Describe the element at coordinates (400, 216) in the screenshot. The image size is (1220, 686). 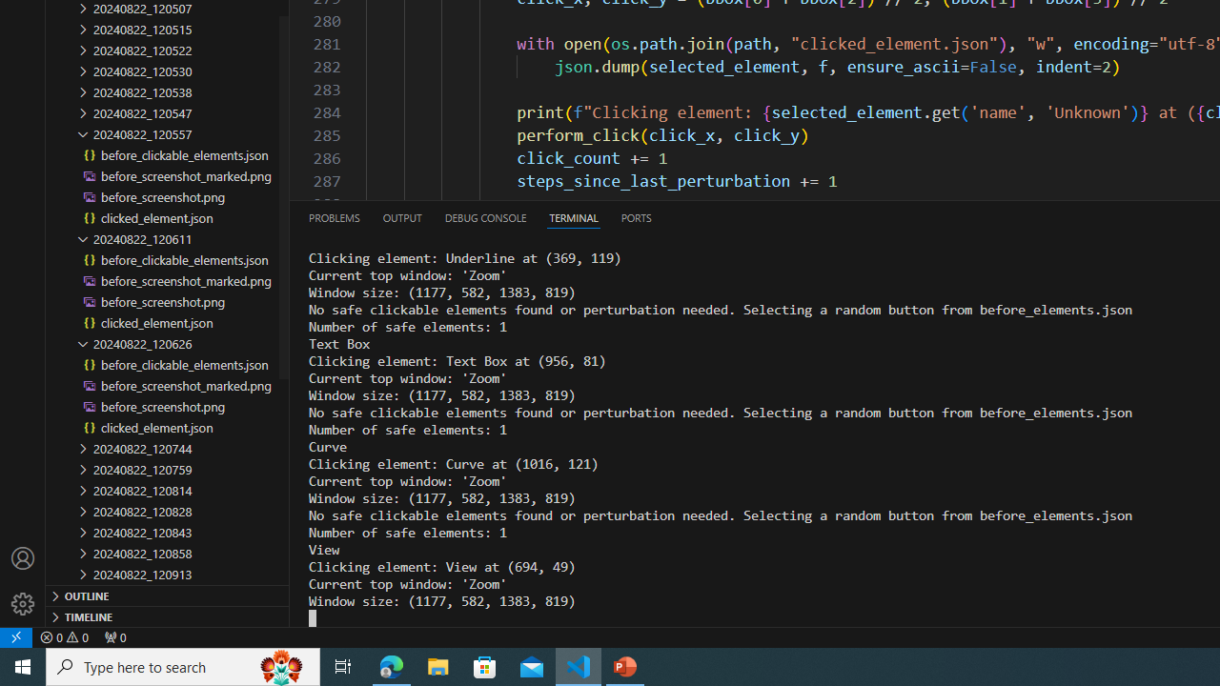
I see `'Output (Ctrl+Shift+U)'` at that location.